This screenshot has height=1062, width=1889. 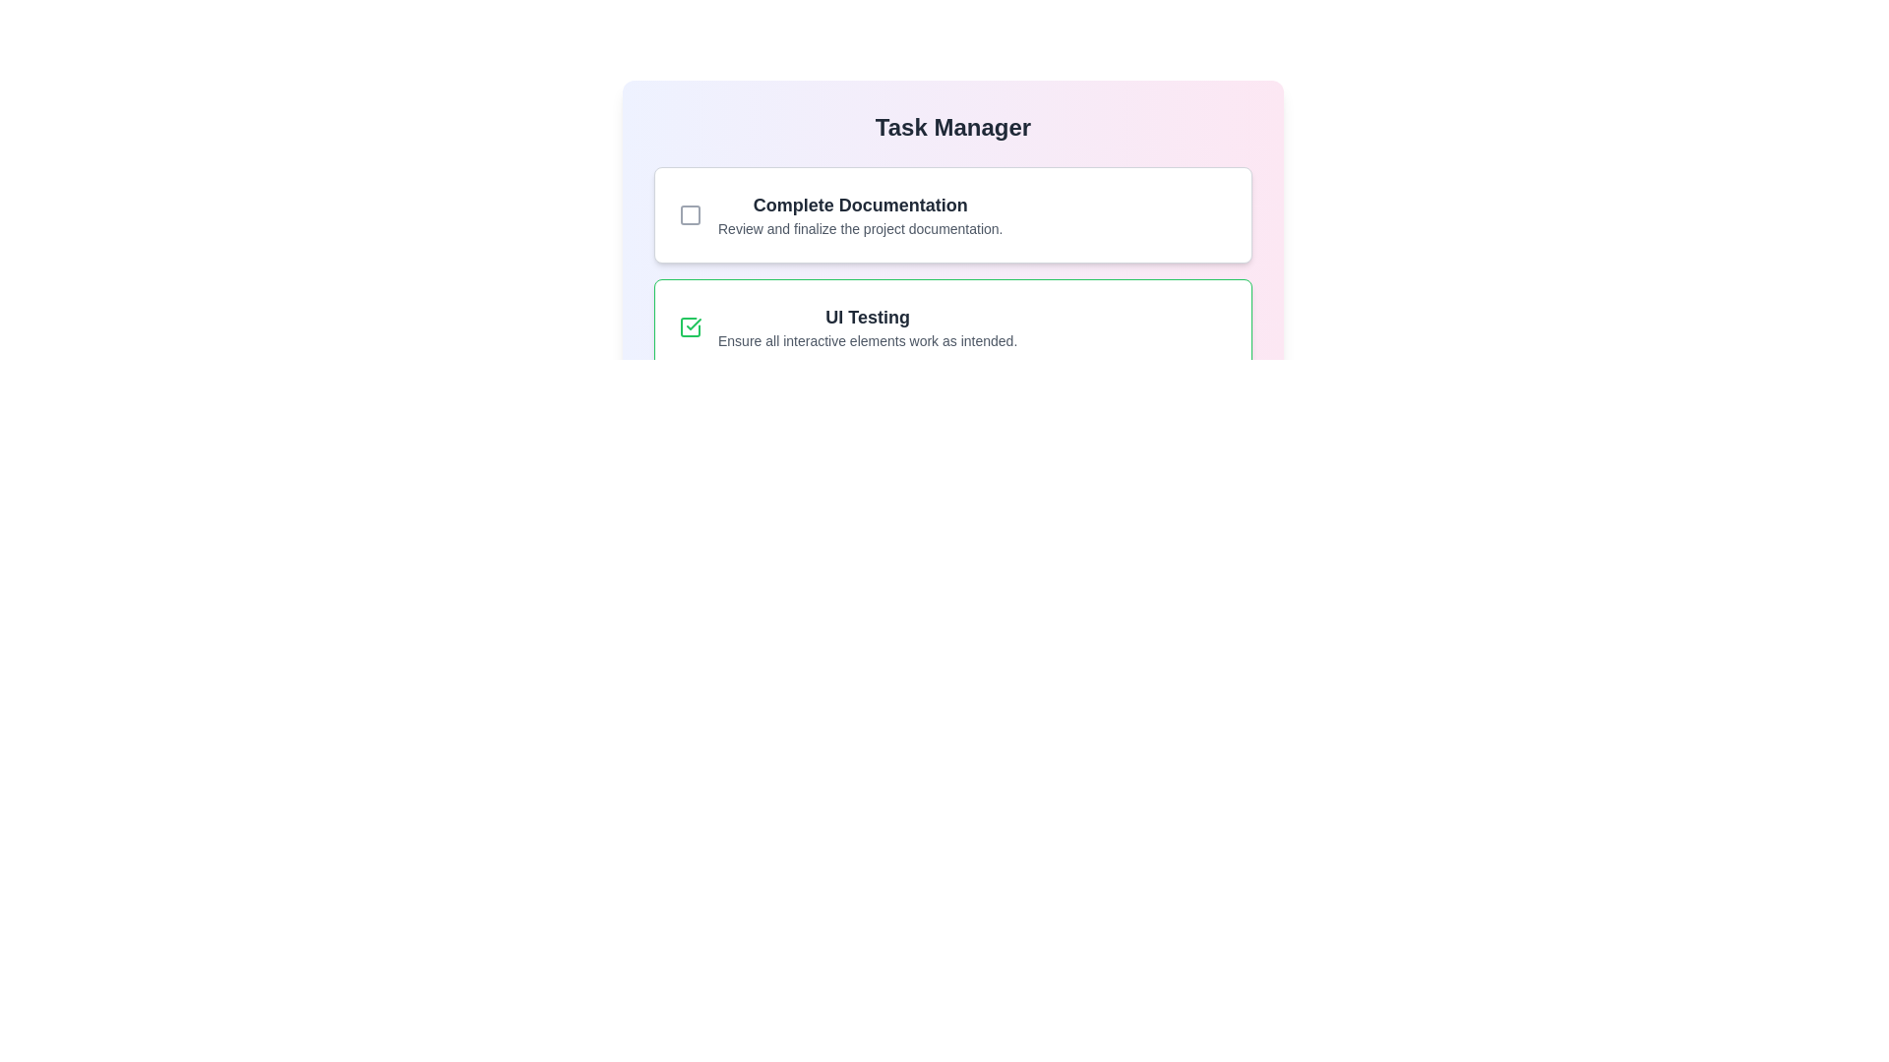 I want to click on text label providing additional details for the task titled 'Complete Documentation', positioned below the main heading in the Task Manager interface, so click(x=860, y=227).